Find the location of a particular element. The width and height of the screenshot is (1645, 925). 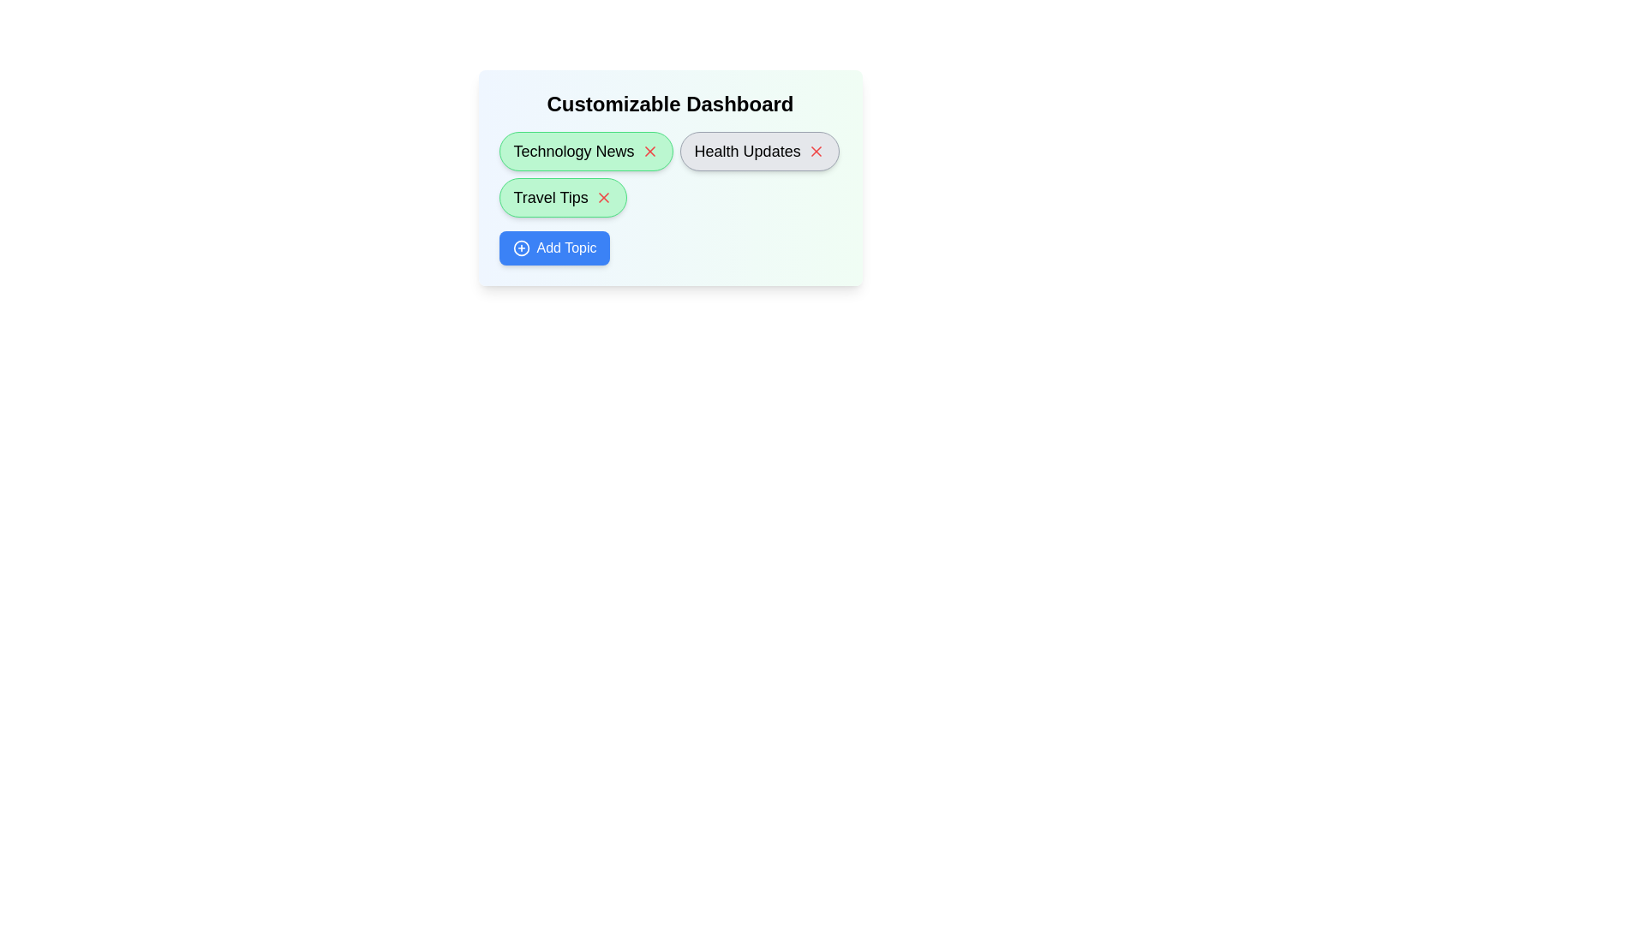

the 'X' button next to the topic named Technology News to remove it is located at coordinates (649, 151).